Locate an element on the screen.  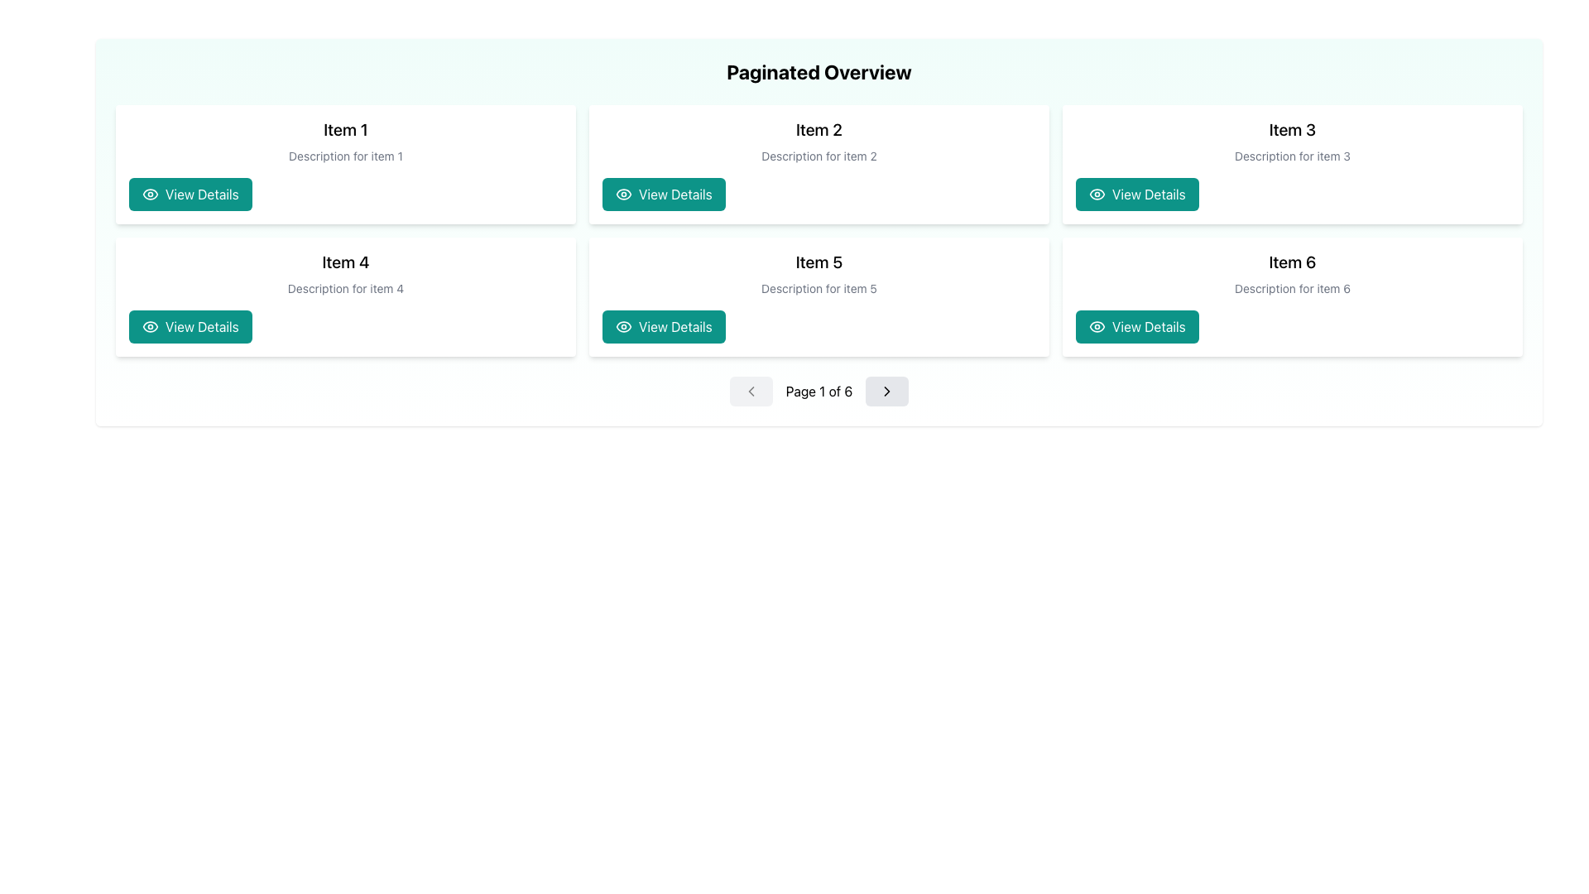
the eye icon located within the 'View Details' button in the third box labeled 'Item 3', which is situated in the top right section of the page is located at coordinates (1097, 194).